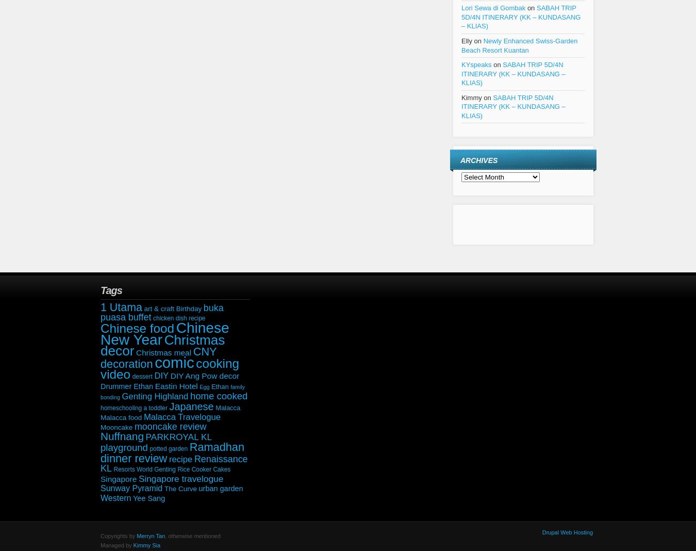 This screenshot has width=696, height=551. Describe the element at coordinates (118, 536) in the screenshot. I see `'Copyrights by'` at that location.